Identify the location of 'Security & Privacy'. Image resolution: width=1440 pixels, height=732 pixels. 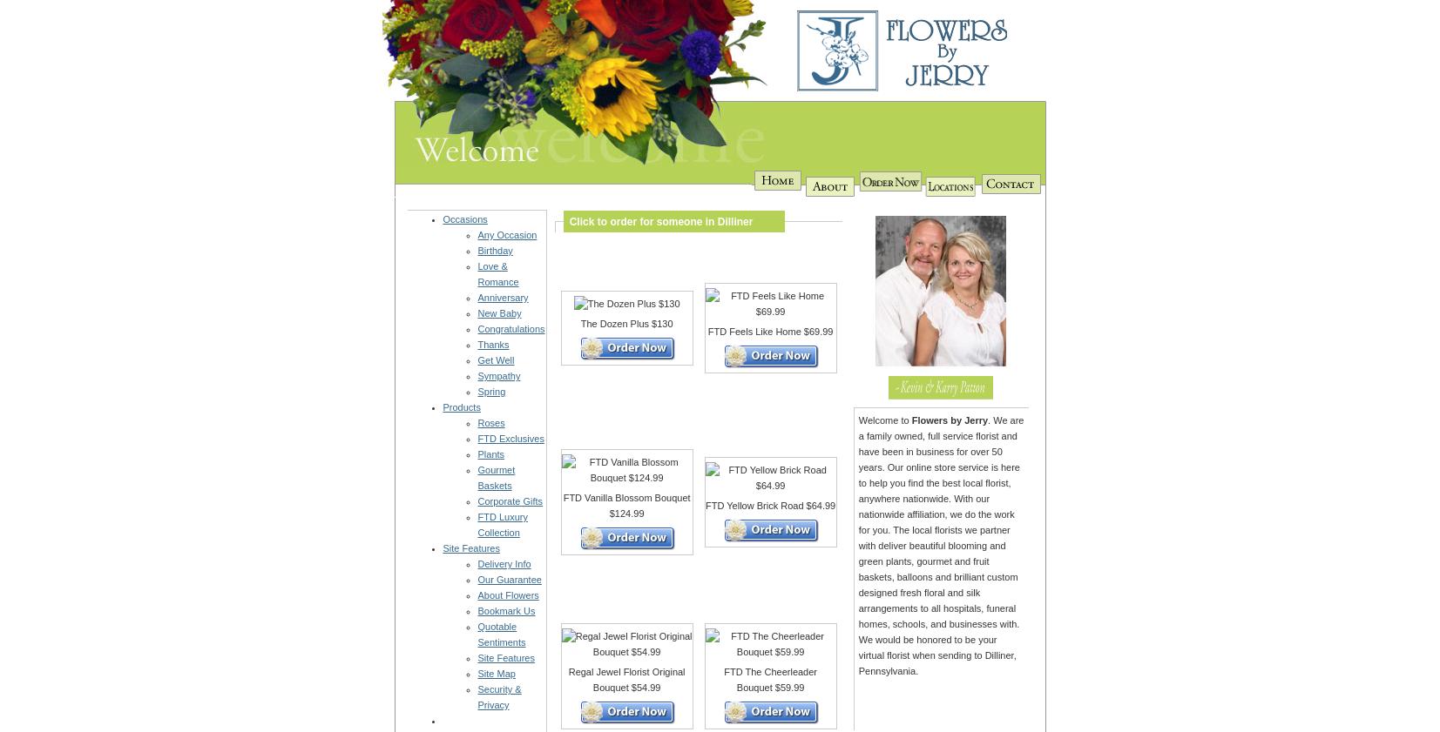
(497, 696).